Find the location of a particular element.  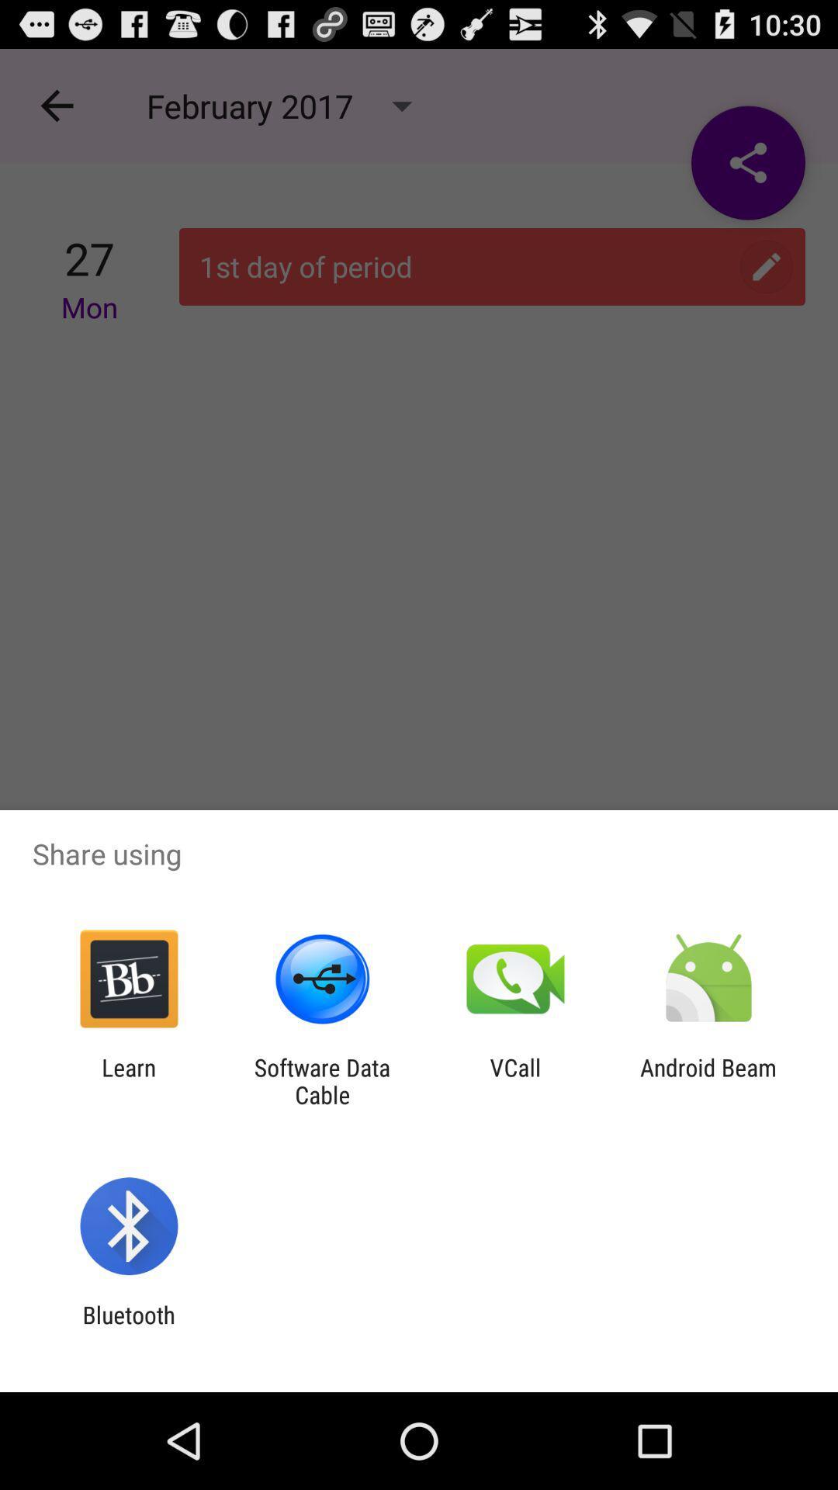

item next to learn icon is located at coordinates (321, 1080).